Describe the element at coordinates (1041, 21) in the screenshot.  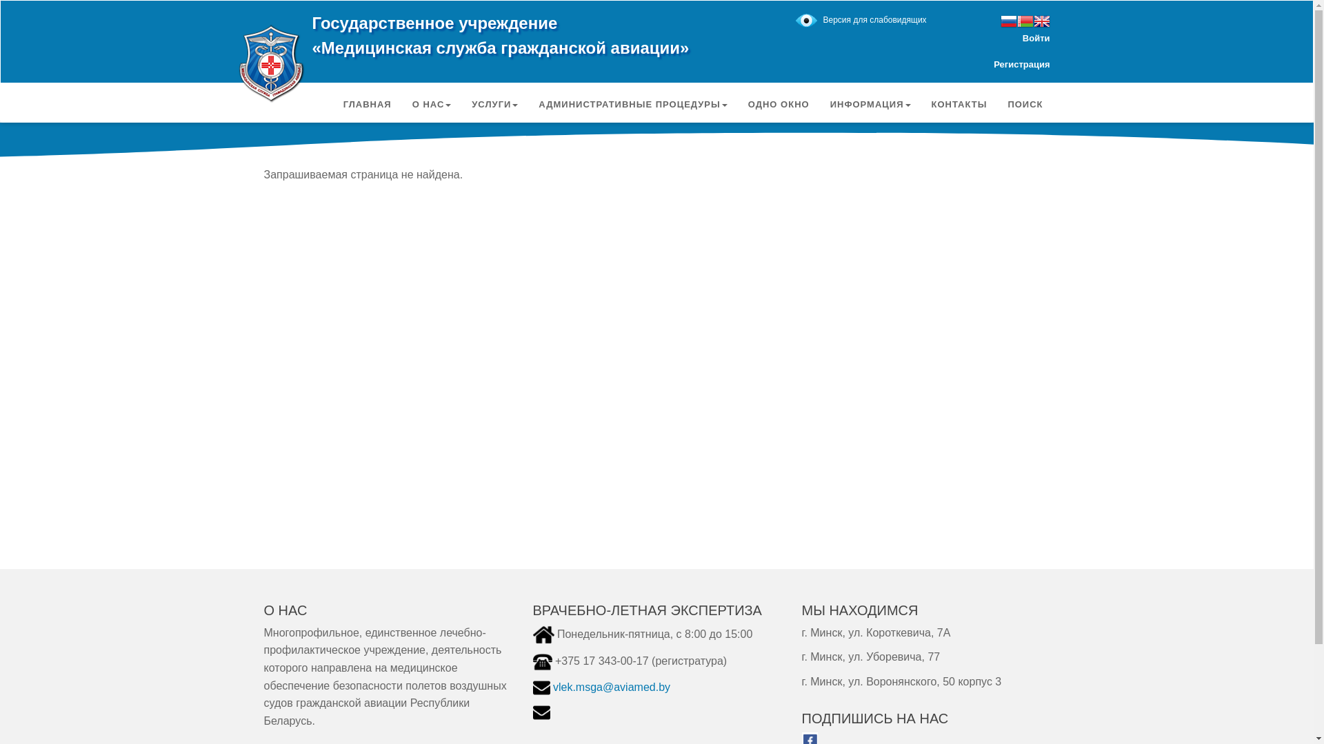
I see `'English'` at that location.